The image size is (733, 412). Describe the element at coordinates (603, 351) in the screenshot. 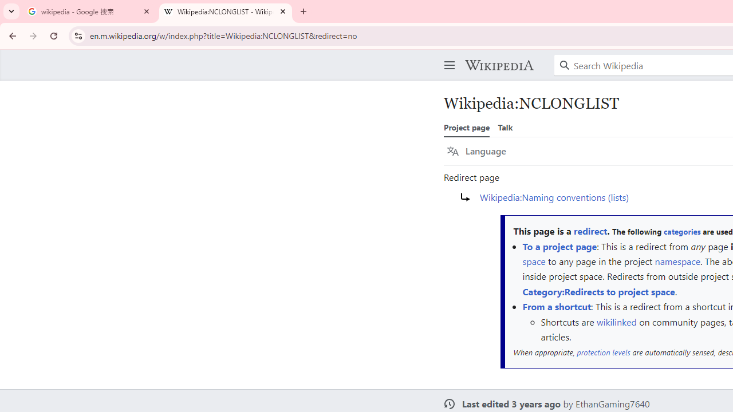

I see `'protection levels'` at that location.